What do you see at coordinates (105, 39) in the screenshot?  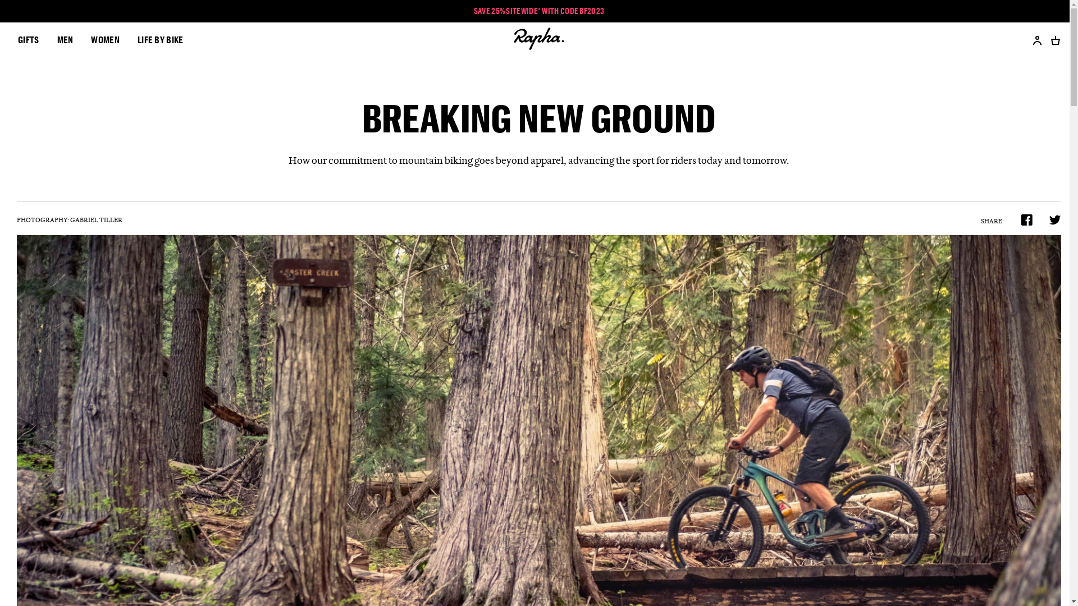 I see `'WOMEN'` at bounding box center [105, 39].